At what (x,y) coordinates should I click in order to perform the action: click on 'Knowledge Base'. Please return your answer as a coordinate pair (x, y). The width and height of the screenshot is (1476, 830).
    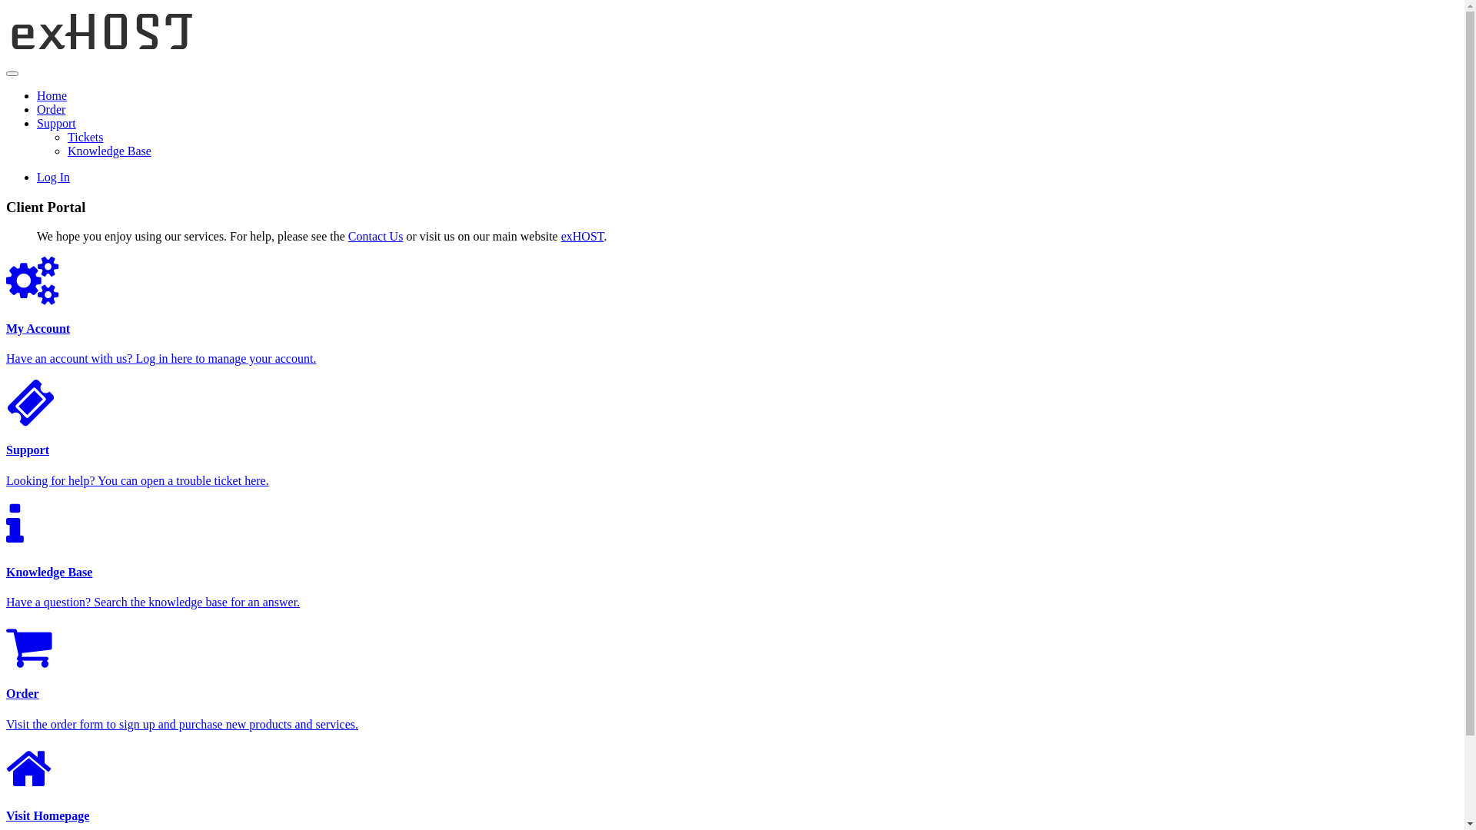
    Looking at the image, I should click on (66, 151).